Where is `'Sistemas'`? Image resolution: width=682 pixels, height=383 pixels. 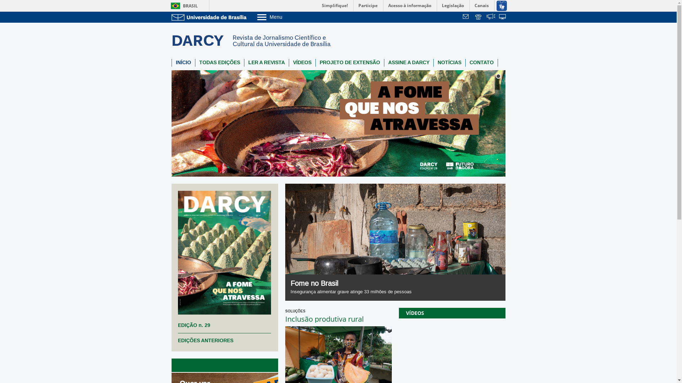 'Sistemas' is located at coordinates (503, 17).